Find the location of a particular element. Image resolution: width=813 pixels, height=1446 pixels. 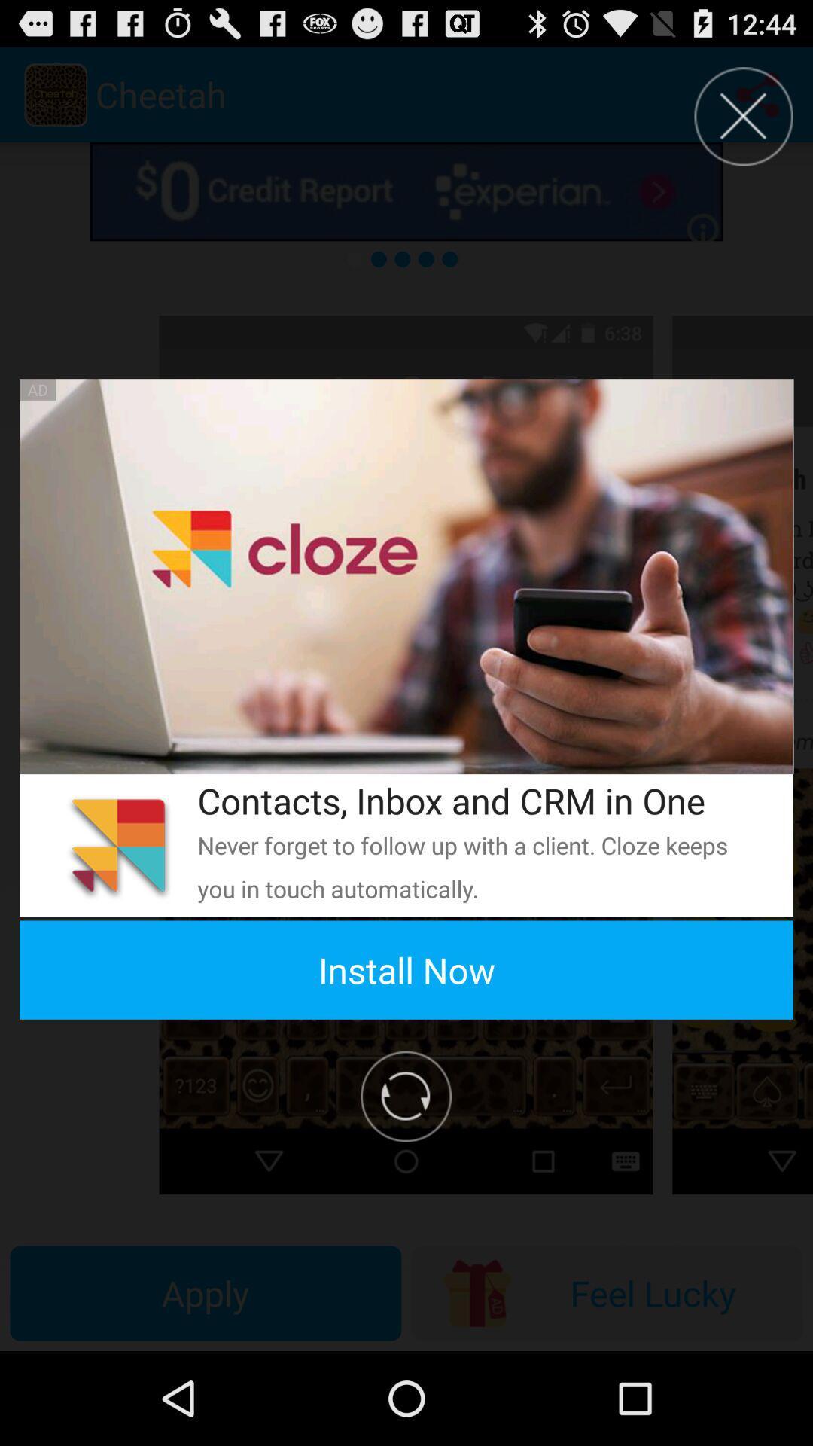

the app above contacts inbox and icon is located at coordinates (406, 575).